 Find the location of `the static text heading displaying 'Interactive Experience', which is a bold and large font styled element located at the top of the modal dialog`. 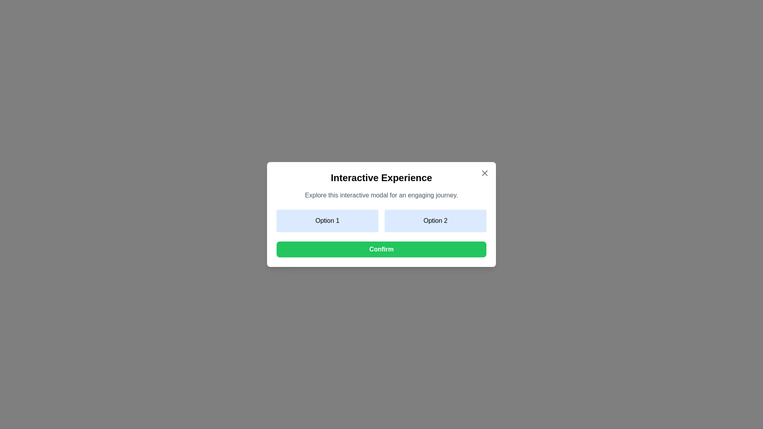

the static text heading displaying 'Interactive Experience', which is a bold and large font styled element located at the top of the modal dialog is located at coordinates (381, 177).